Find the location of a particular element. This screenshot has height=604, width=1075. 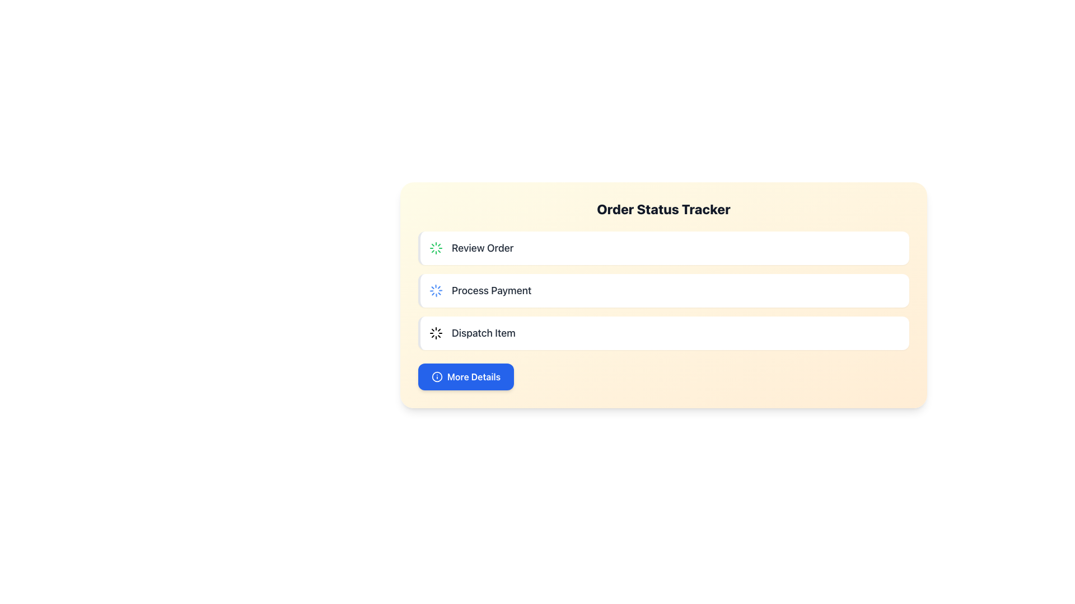

the 'More Details' button, which is a rectangular button with rounded edges, deep blue background, white text, and an information icon, located at the bottom of the 'Order Status Tracker' section is located at coordinates (466, 377).